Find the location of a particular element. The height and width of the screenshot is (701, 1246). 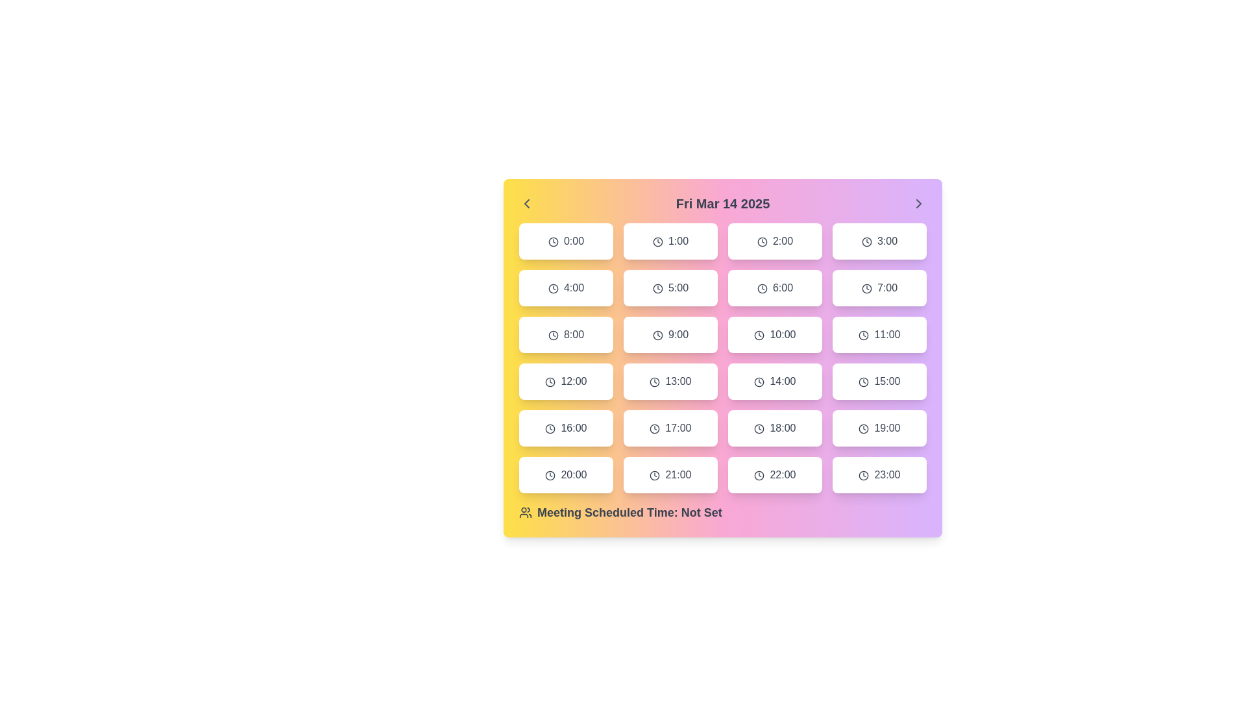

the clock icon representing the time '12:00' located in the fourth row, first column beneath the heading 'Fri Mar 14 2025' is located at coordinates (550, 381).